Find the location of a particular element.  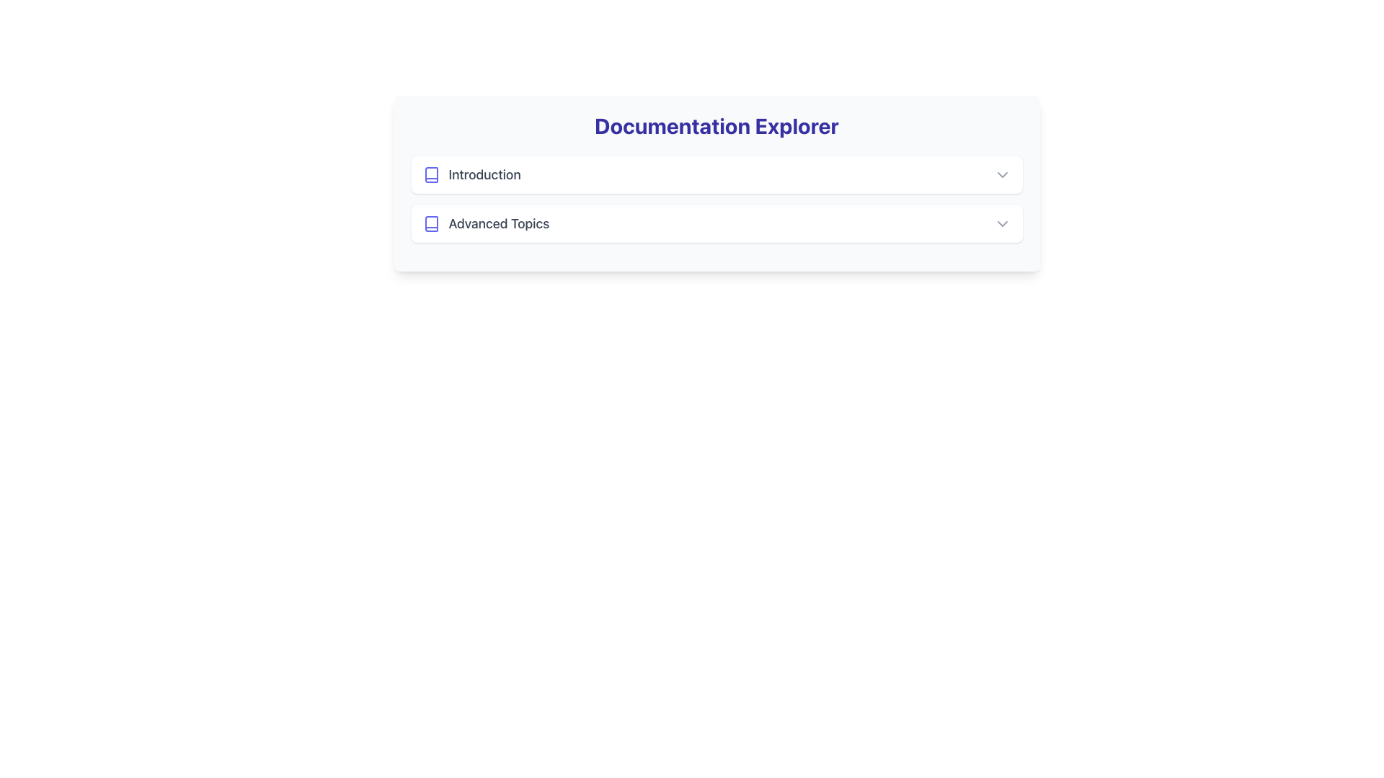

the self-contained module or widget that allows navigation or access to documentation-related content, positioned centrally in the interface is located at coordinates (717, 182).